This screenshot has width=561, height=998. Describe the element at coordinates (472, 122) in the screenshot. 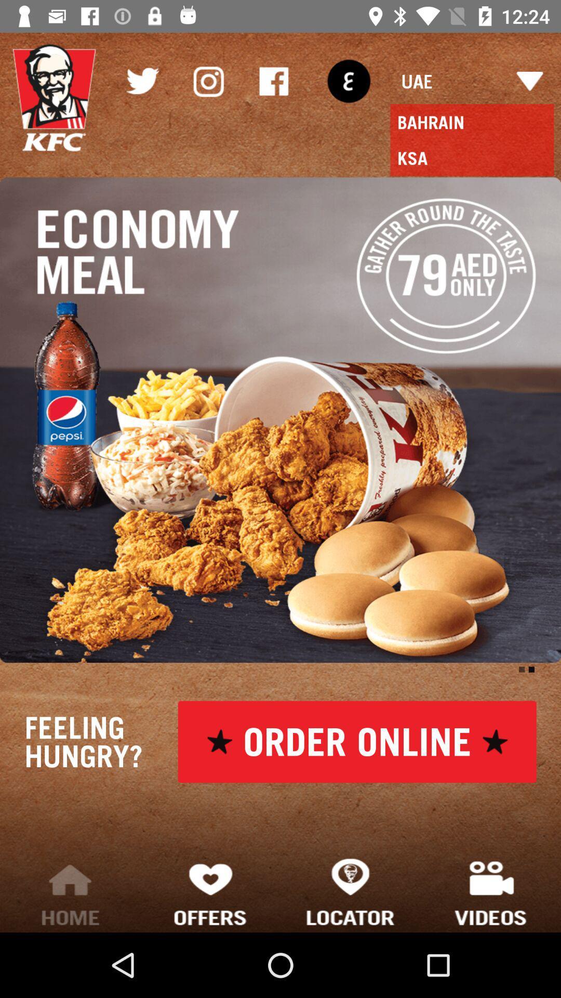

I see `bahrain item` at that location.